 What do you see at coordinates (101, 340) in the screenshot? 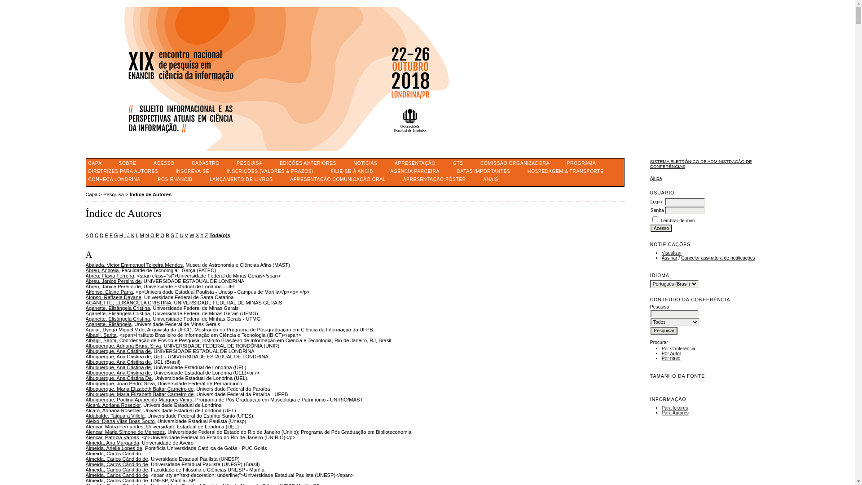
I see `'Albagli, Sarita'` at bounding box center [101, 340].